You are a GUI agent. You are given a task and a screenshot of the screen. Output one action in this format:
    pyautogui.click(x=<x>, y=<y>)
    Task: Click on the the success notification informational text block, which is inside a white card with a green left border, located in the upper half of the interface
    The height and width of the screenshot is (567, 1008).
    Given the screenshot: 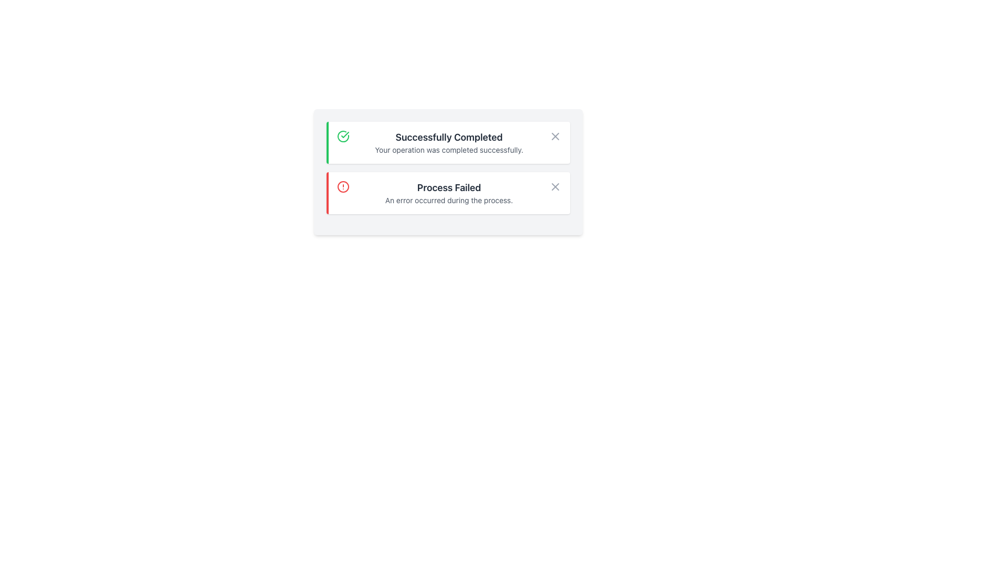 What is the action you would take?
    pyautogui.click(x=449, y=143)
    